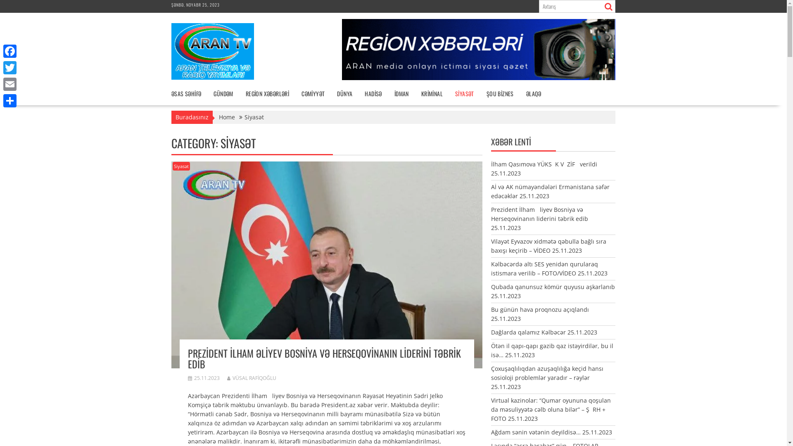 Image resolution: width=793 pixels, height=446 pixels. What do you see at coordinates (218, 117) in the screenshot?
I see `'Home'` at bounding box center [218, 117].